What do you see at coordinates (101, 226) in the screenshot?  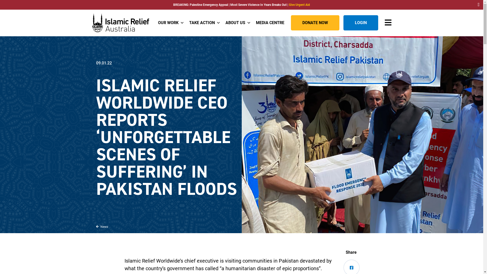 I see `'  News'` at bounding box center [101, 226].